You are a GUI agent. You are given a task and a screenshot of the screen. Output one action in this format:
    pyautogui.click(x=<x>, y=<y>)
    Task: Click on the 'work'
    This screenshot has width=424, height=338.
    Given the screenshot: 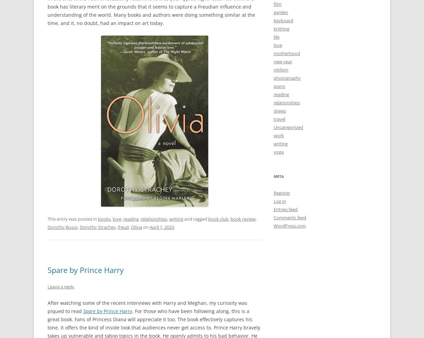 What is the action you would take?
    pyautogui.click(x=274, y=135)
    